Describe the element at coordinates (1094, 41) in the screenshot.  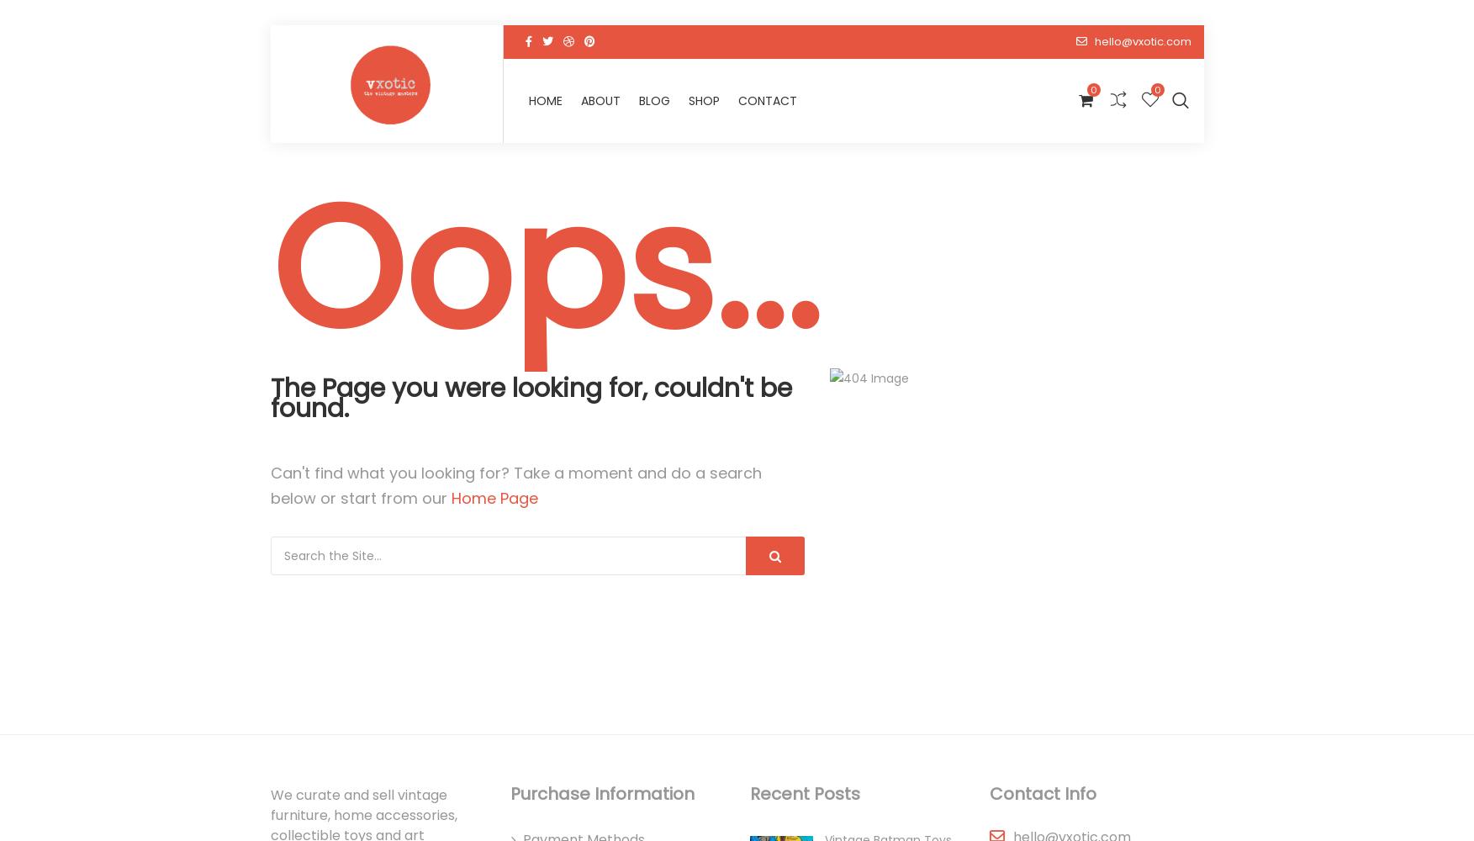
I see `'hello@vxotic.com'` at that location.